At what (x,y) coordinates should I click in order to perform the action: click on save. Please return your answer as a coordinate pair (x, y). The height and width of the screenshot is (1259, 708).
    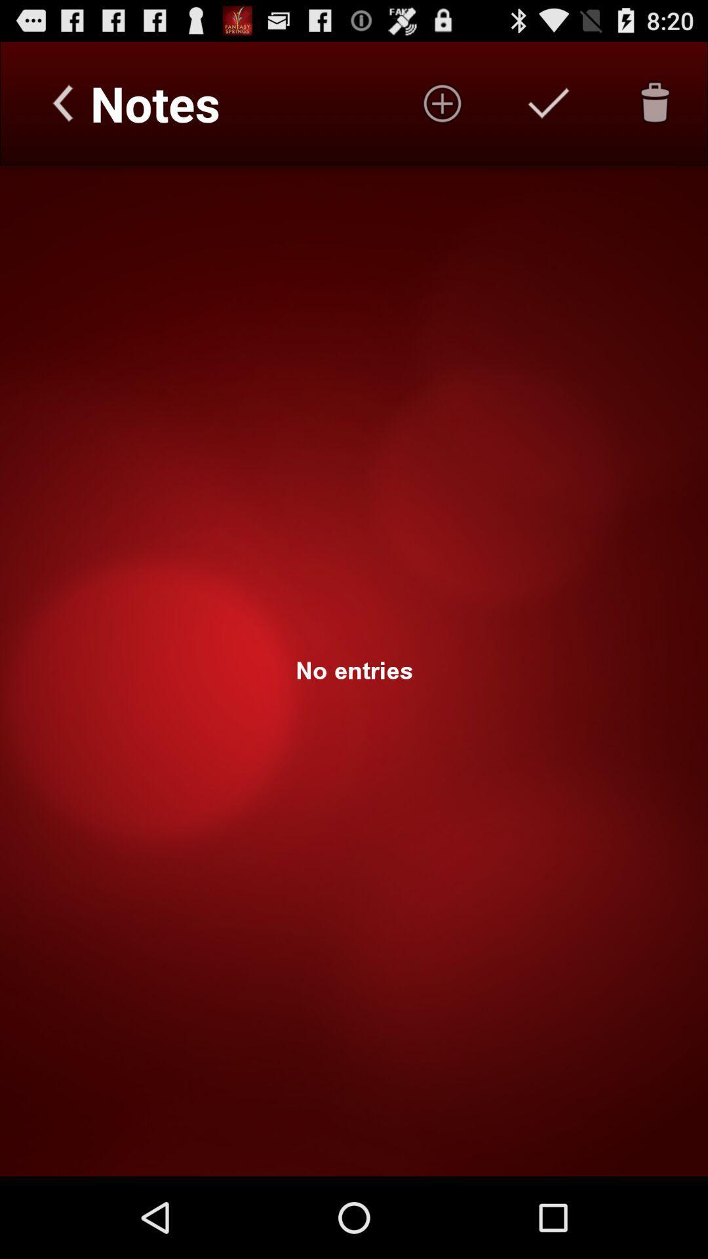
    Looking at the image, I should click on (549, 102).